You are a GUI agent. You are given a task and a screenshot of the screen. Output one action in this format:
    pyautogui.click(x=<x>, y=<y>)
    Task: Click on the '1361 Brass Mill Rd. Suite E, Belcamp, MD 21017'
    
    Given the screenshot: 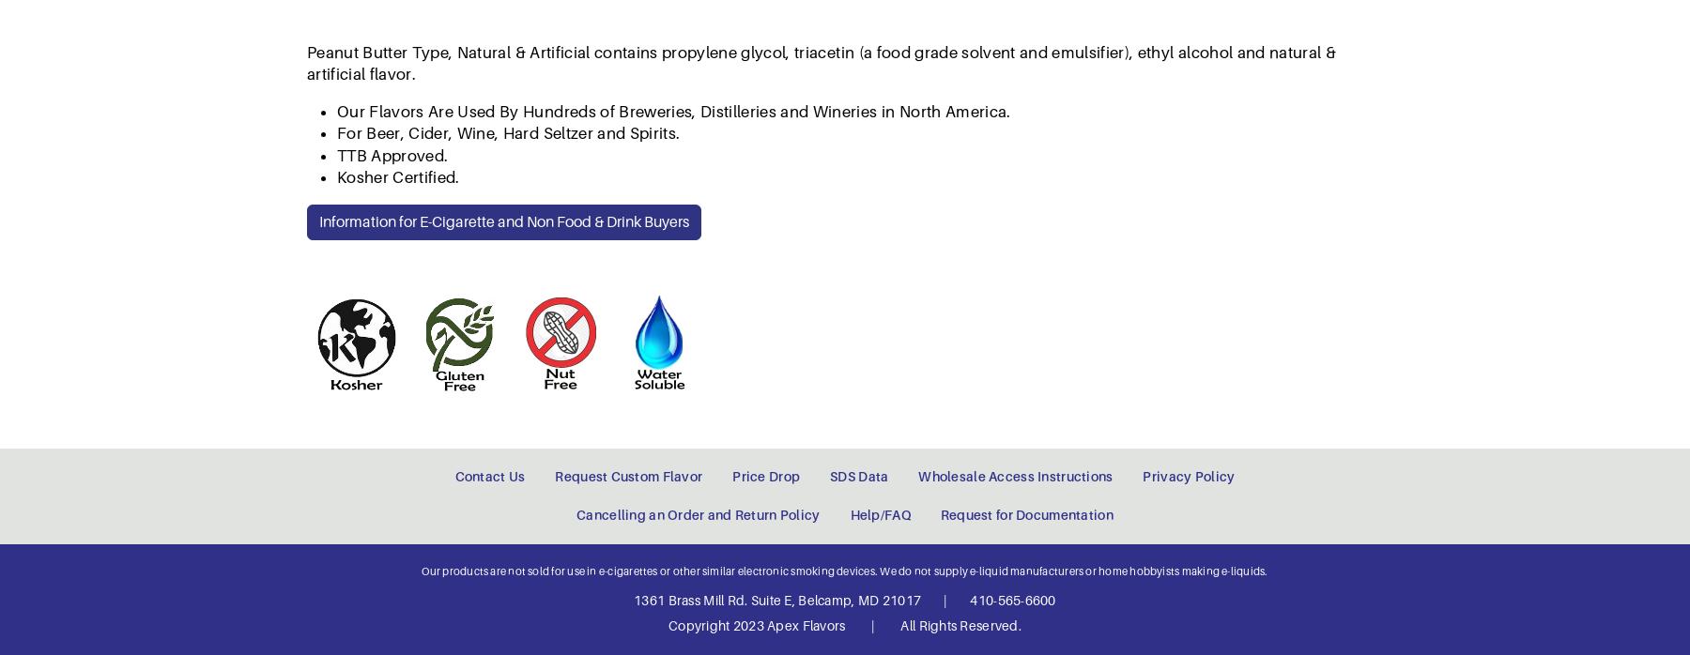 What is the action you would take?
    pyautogui.click(x=634, y=228)
    